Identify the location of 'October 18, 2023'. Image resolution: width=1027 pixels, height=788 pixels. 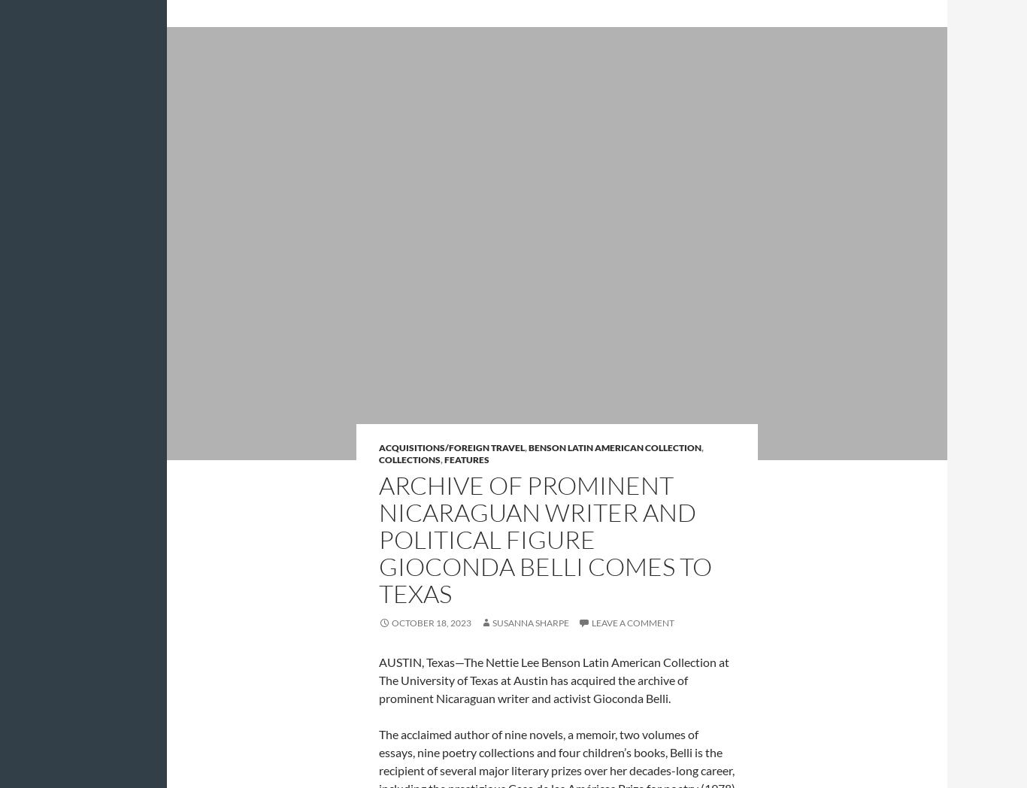
(430, 621).